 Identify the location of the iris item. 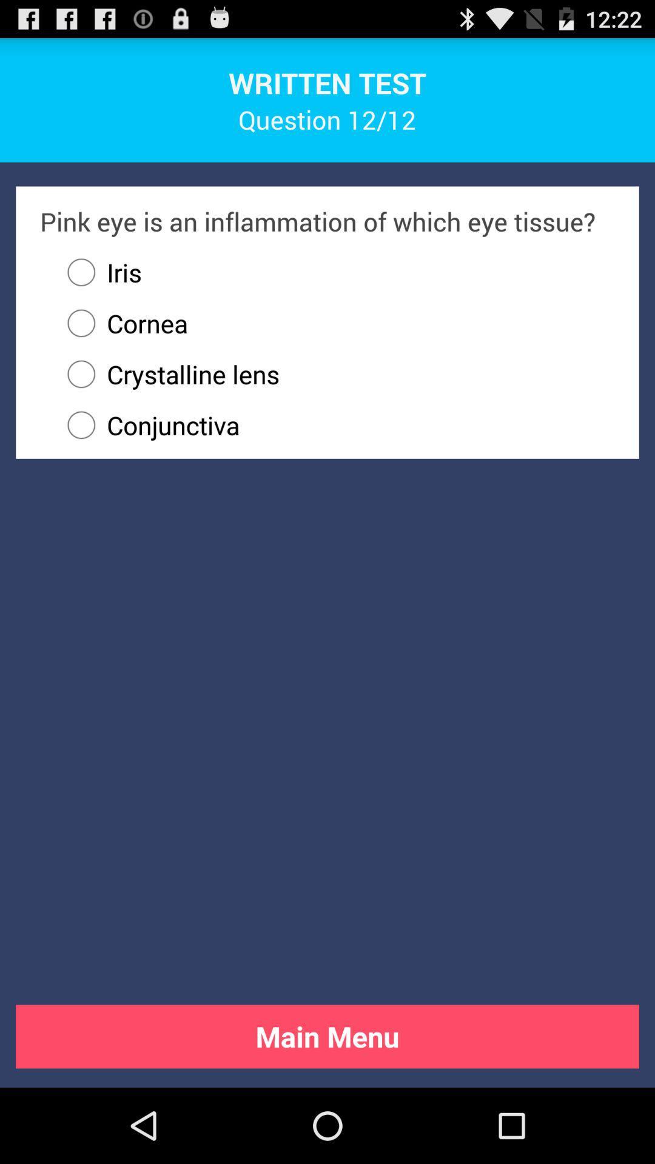
(98, 272).